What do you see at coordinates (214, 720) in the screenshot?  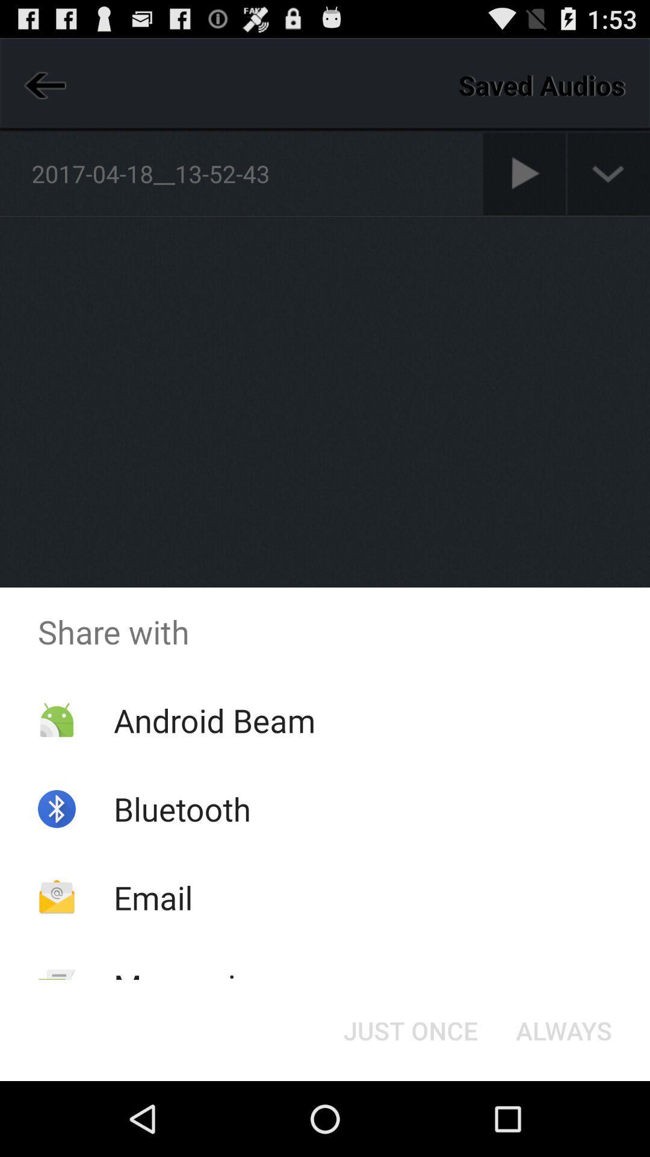 I see `android beam app` at bounding box center [214, 720].